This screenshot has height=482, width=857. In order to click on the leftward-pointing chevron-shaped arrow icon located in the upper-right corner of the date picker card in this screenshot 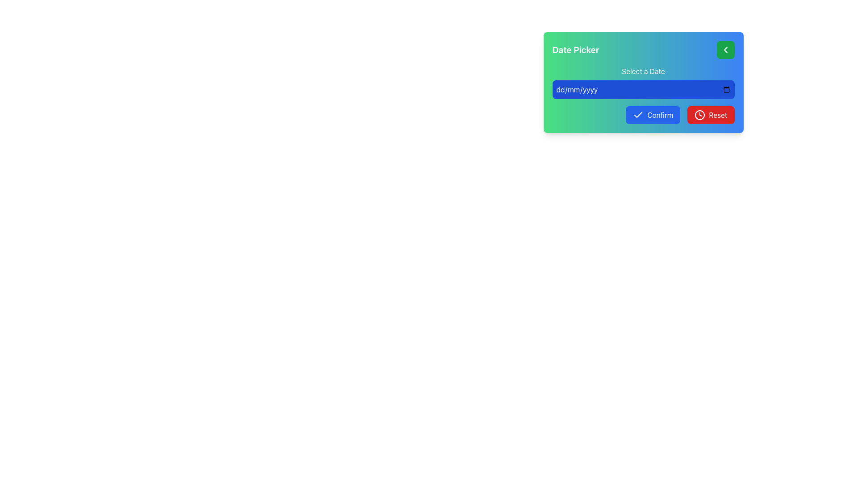, I will do `click(725, 50)`.